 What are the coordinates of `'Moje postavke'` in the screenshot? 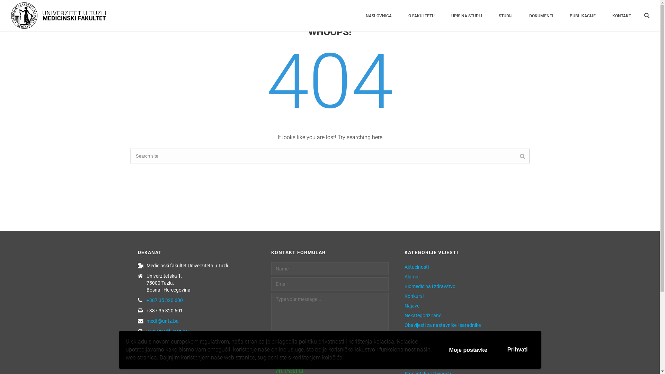 It's located at (468, 350).